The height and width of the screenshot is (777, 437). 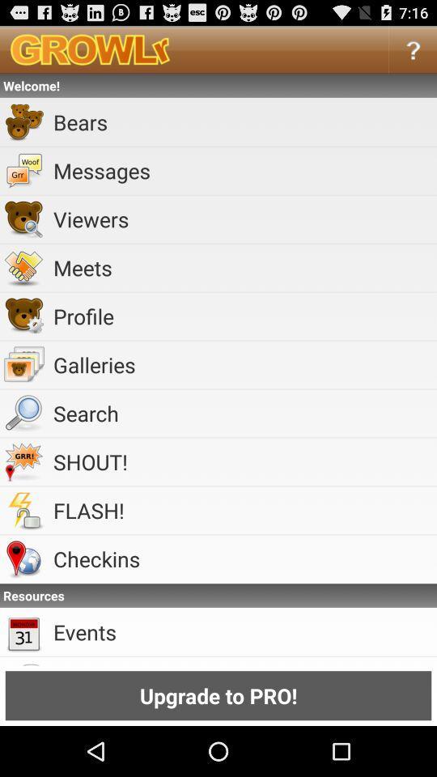 What do you see at coordinates (413, 53) in the screenshot?
I see `the help icon` at bounding box center [413, 53].